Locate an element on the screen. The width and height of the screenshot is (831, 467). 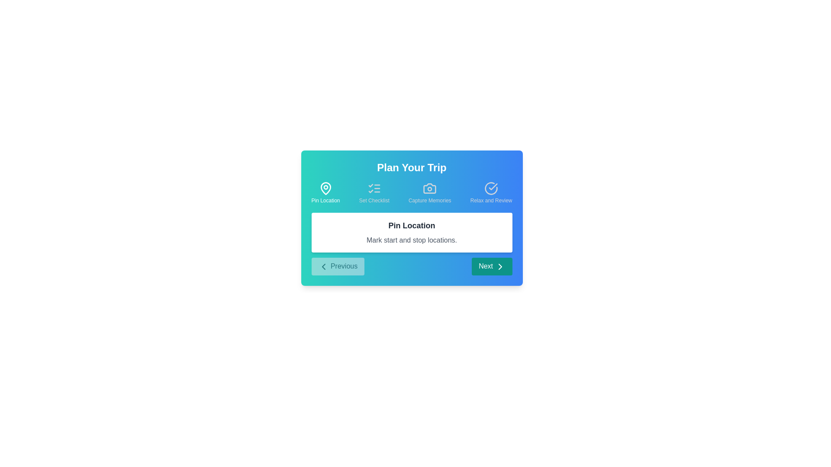
the step icon corresponding to Pin Location is located at coordinates (325, 192).